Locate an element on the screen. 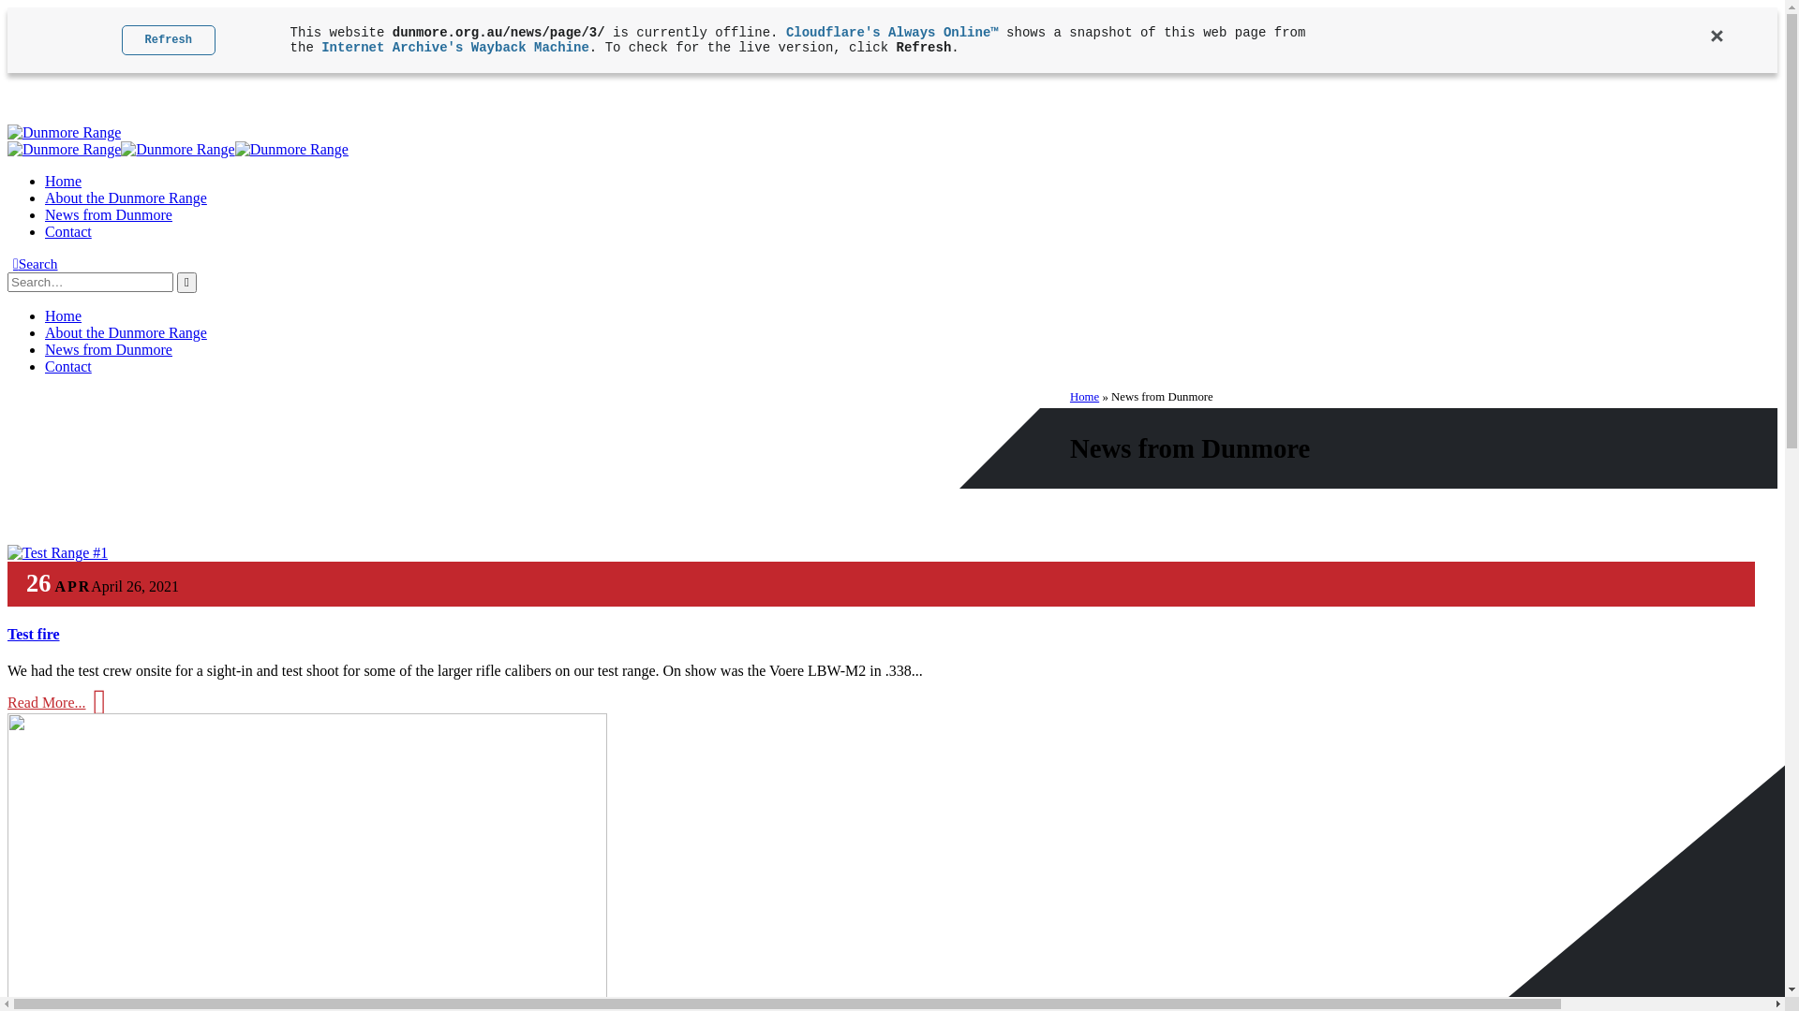 Image resolution: width=1799 pixels, height=1011 pixels. 'Search' is located at coordinates (36, 263).